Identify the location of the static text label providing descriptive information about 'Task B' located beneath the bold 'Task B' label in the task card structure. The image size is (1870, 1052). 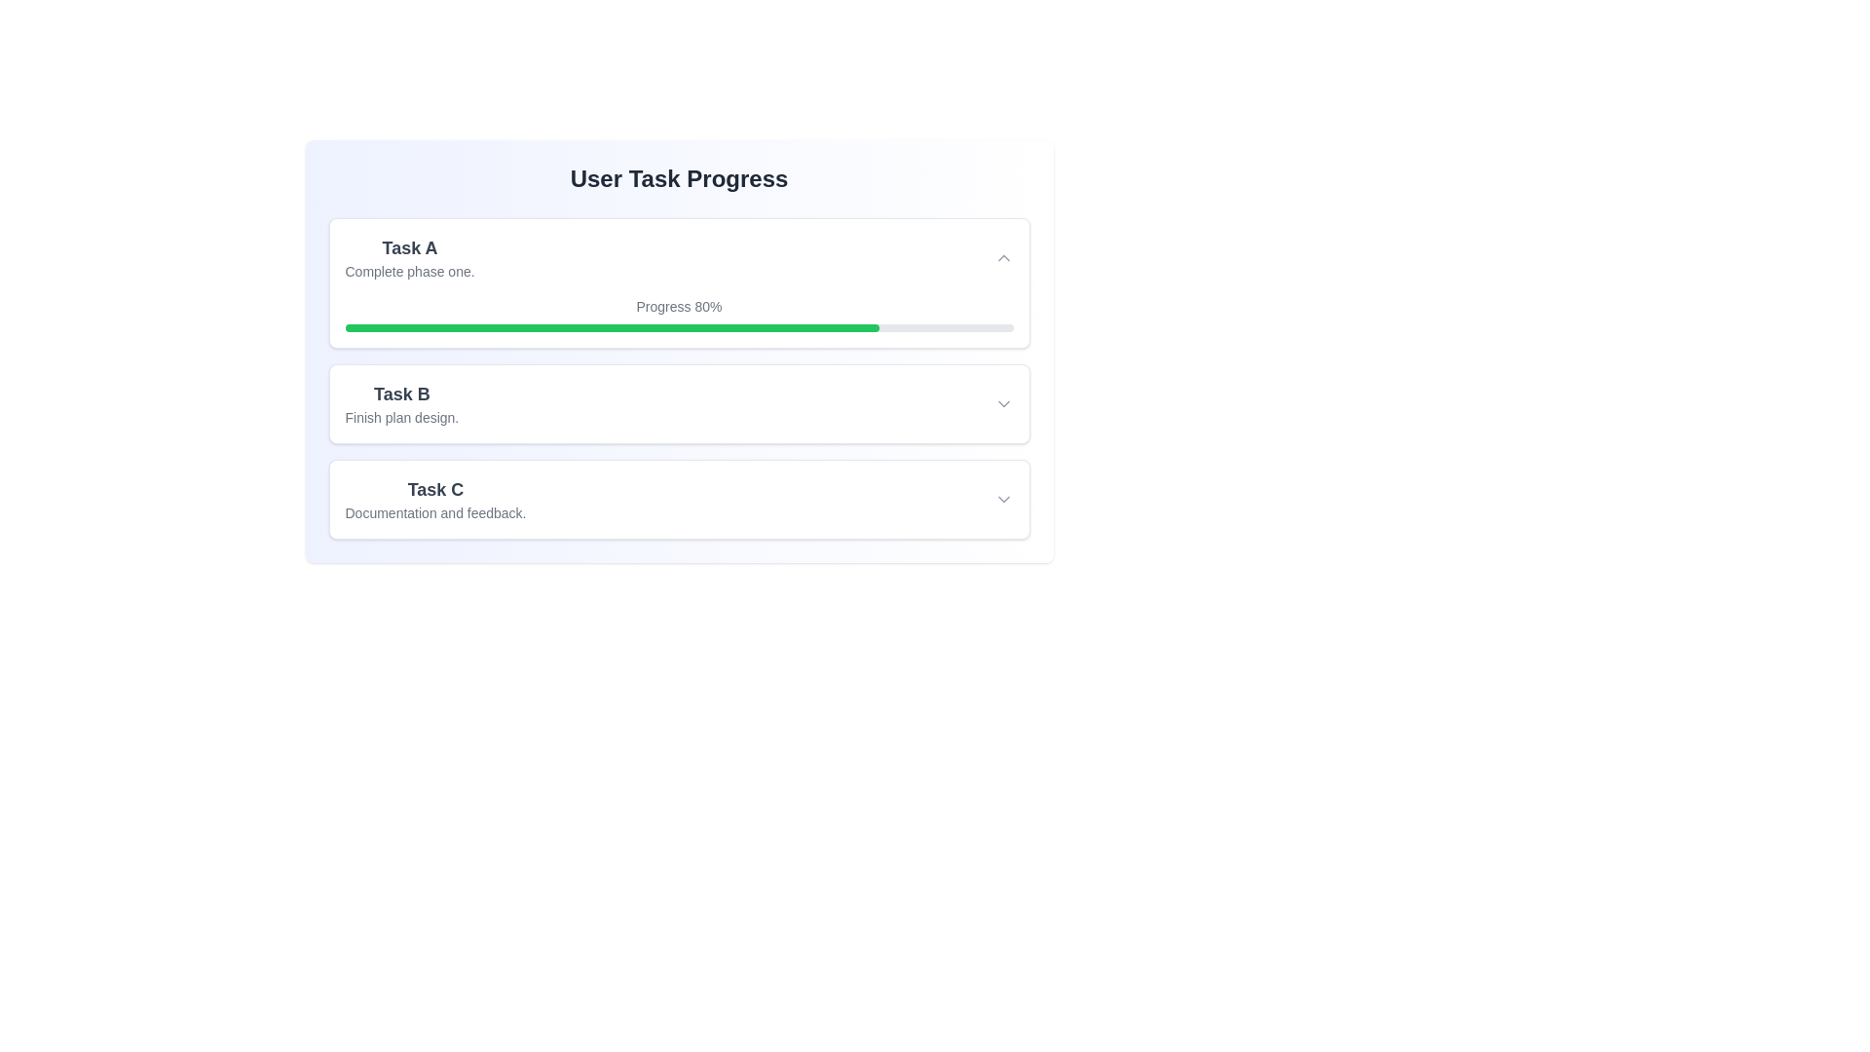
(400, 416).